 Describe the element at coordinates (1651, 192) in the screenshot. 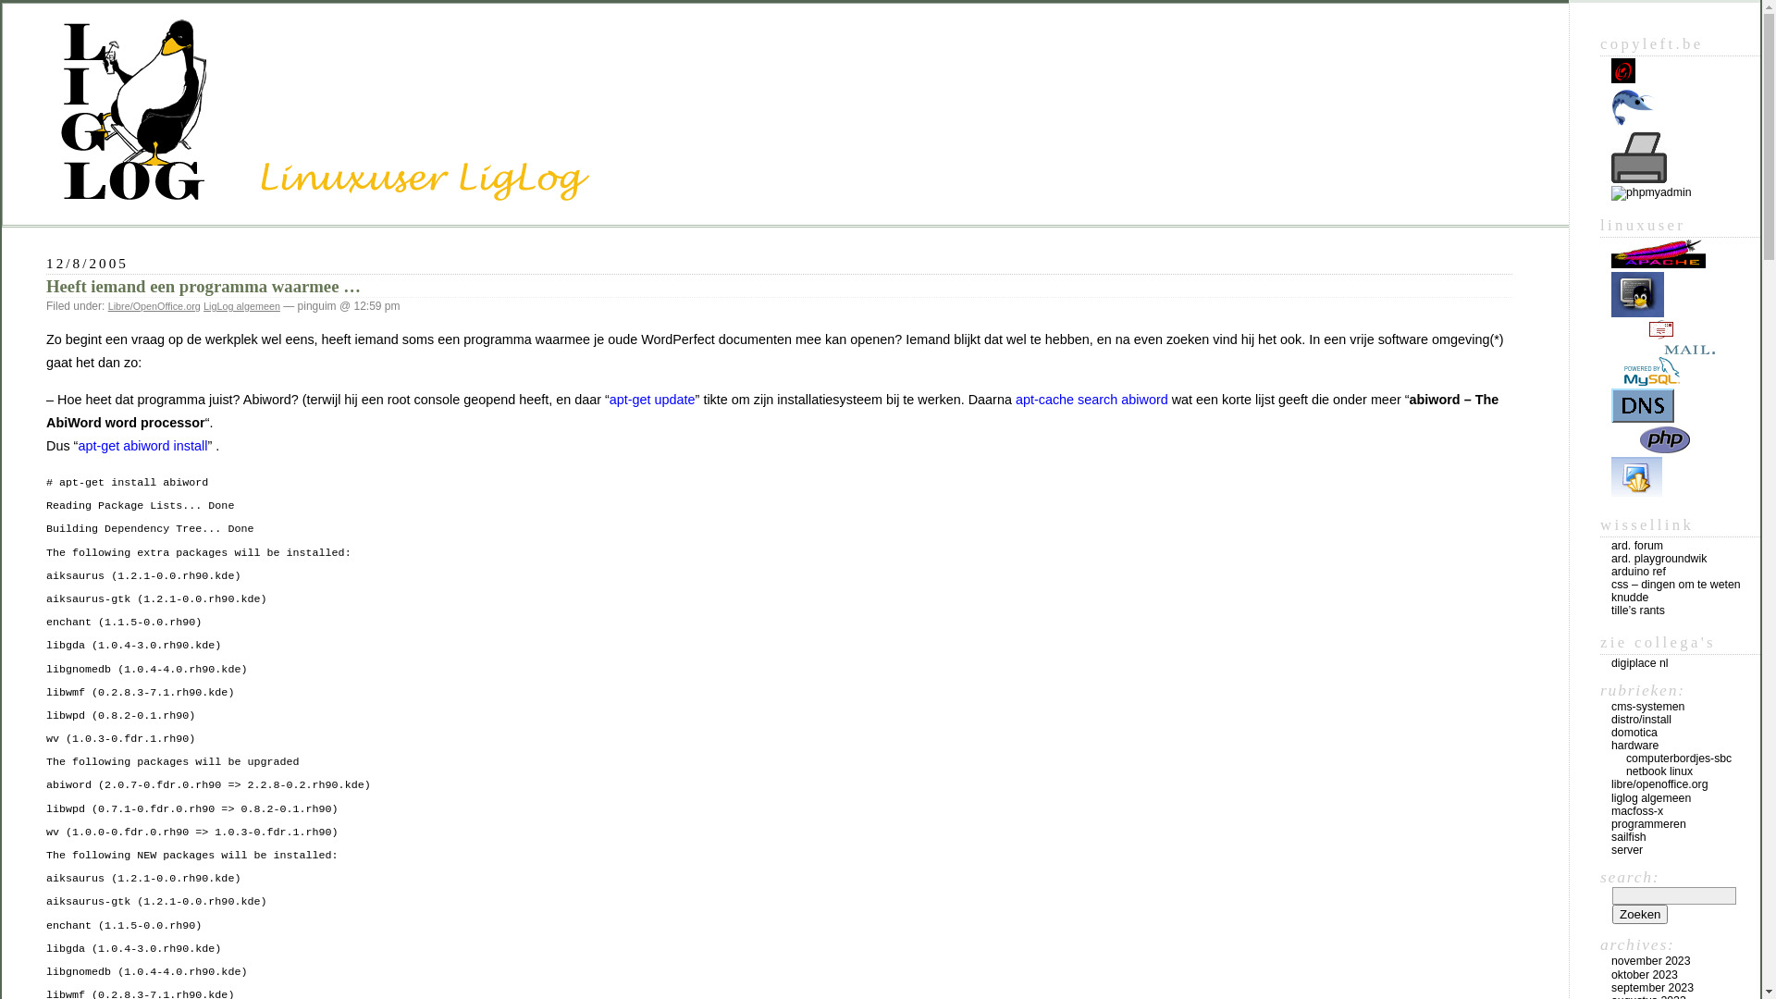

I see `'phpMyAdmin'` at that location.